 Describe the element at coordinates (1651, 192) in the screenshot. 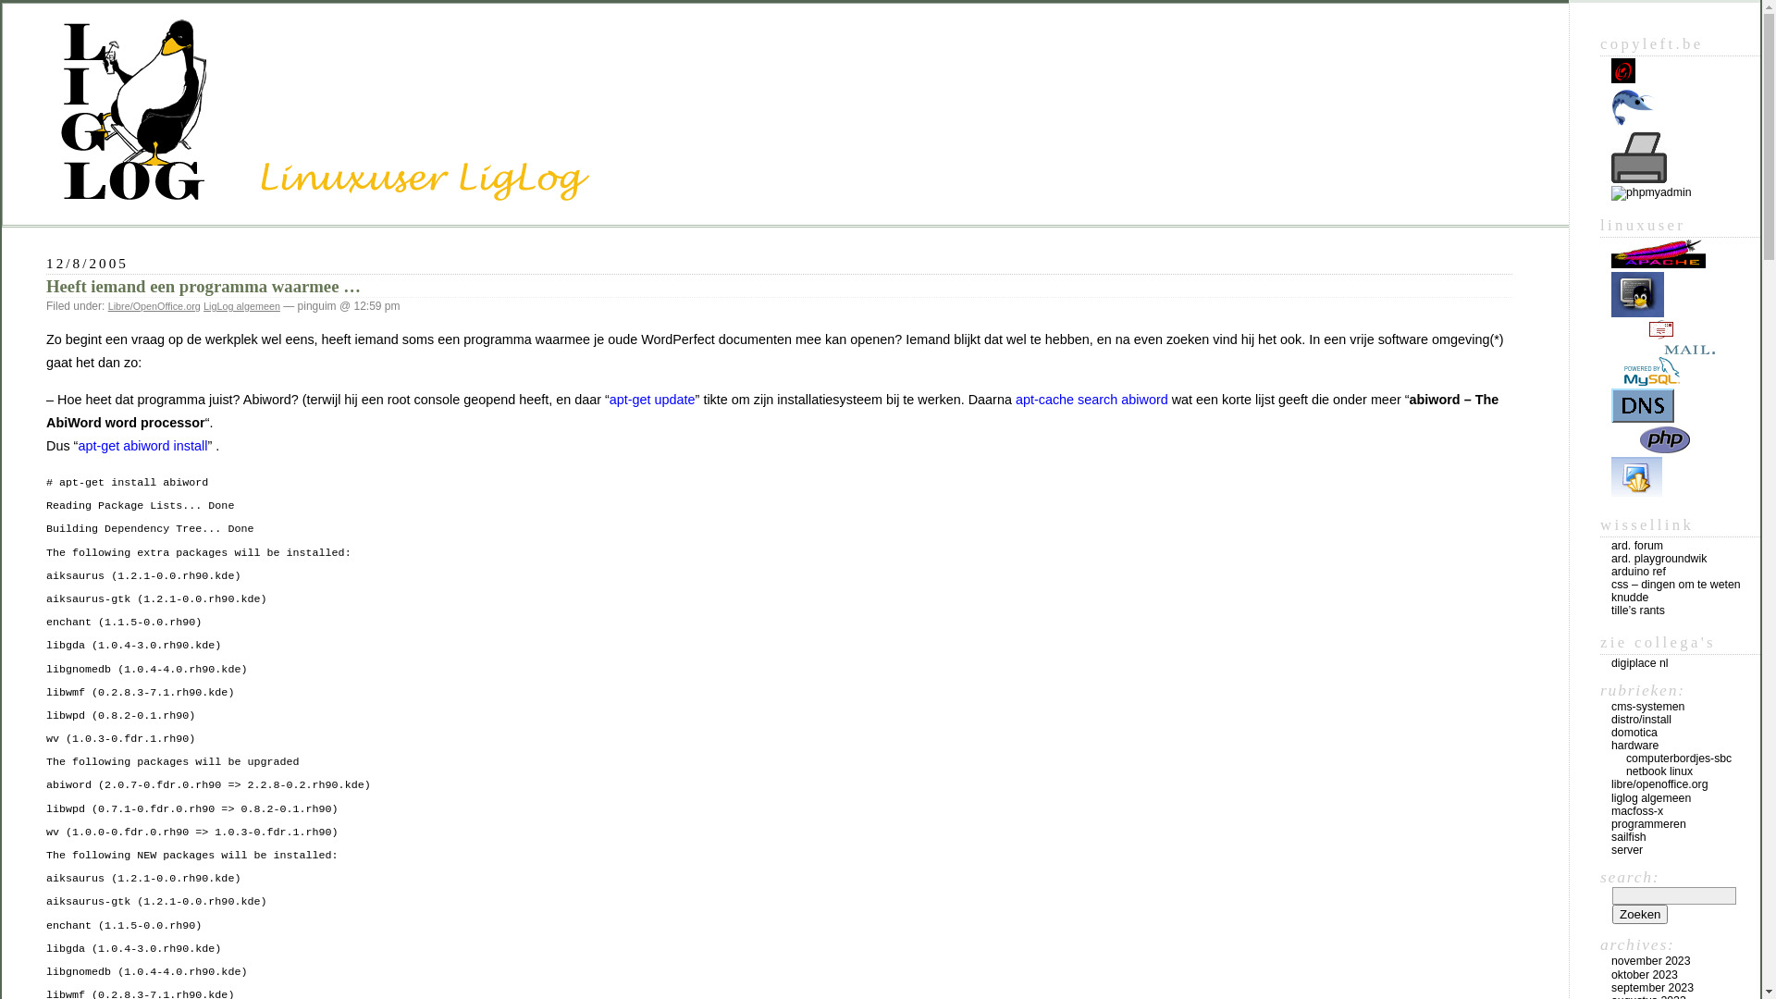

I see `'phpMyAdmin'` at that location.